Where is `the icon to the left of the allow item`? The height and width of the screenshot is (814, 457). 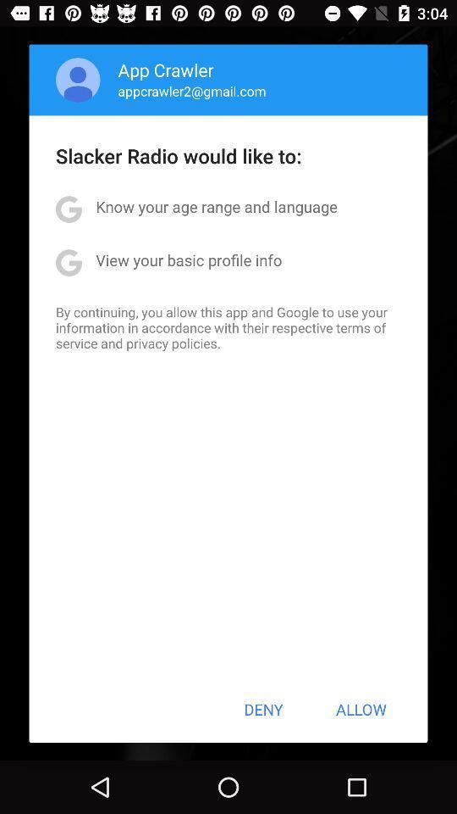 the icon to the left of the allow item is located at coordinates (263, 709).